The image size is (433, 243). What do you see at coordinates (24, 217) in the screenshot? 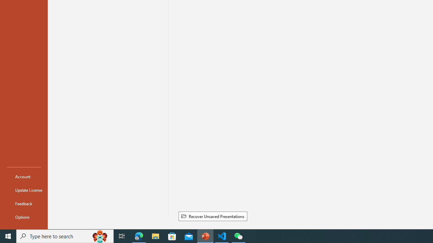
I see `'Options'` at bounding box center [24, 217].